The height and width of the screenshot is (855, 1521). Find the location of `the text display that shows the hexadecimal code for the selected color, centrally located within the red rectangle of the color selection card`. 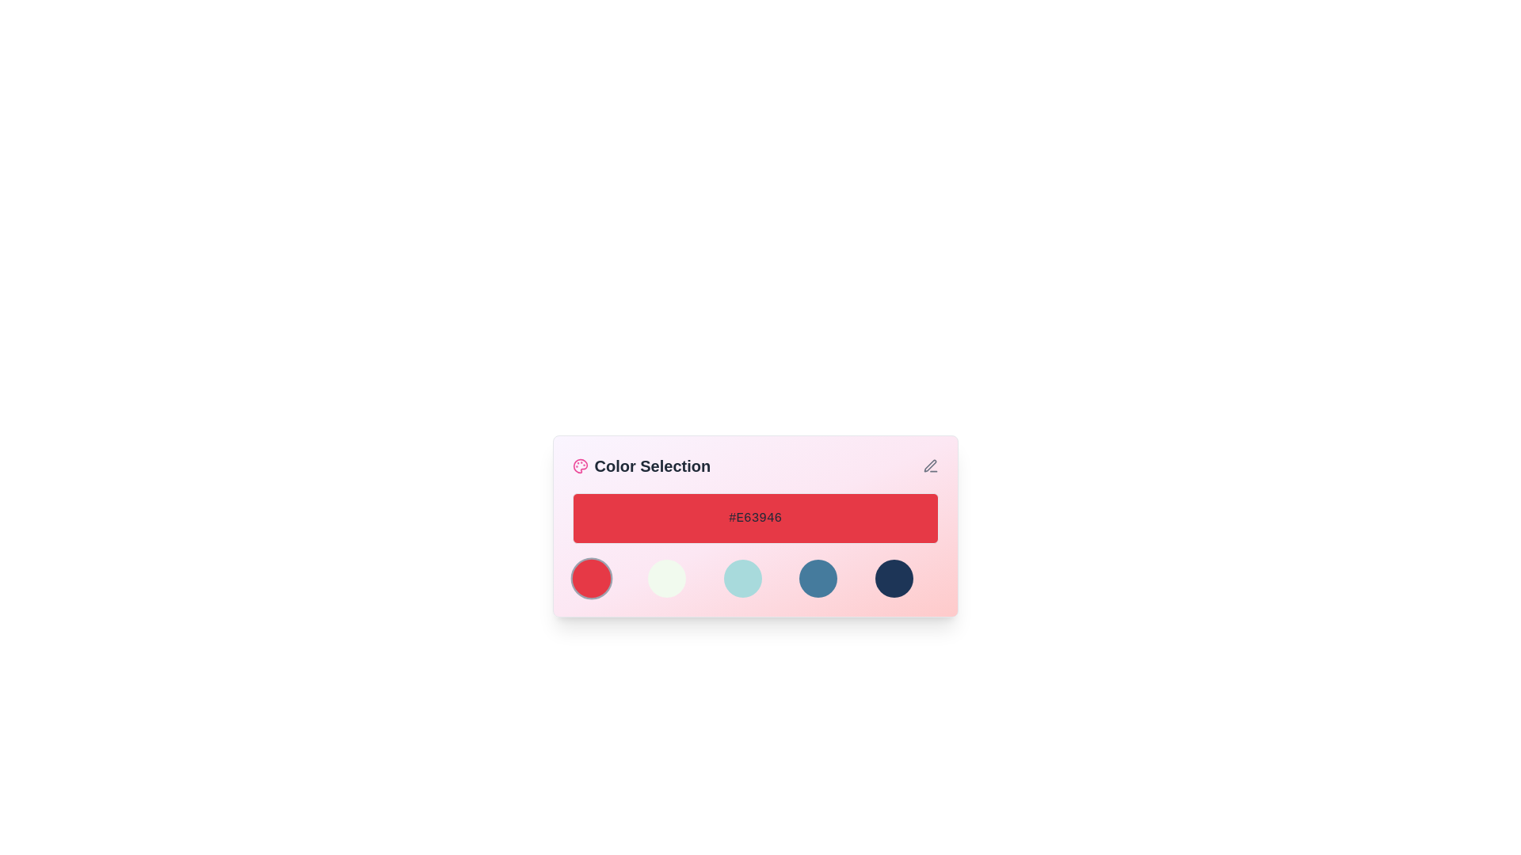

the text display that shows the hexadecimal code for the selected color, centrally located within the red rectangle of the color selection card is located at coordinates (754, 519).